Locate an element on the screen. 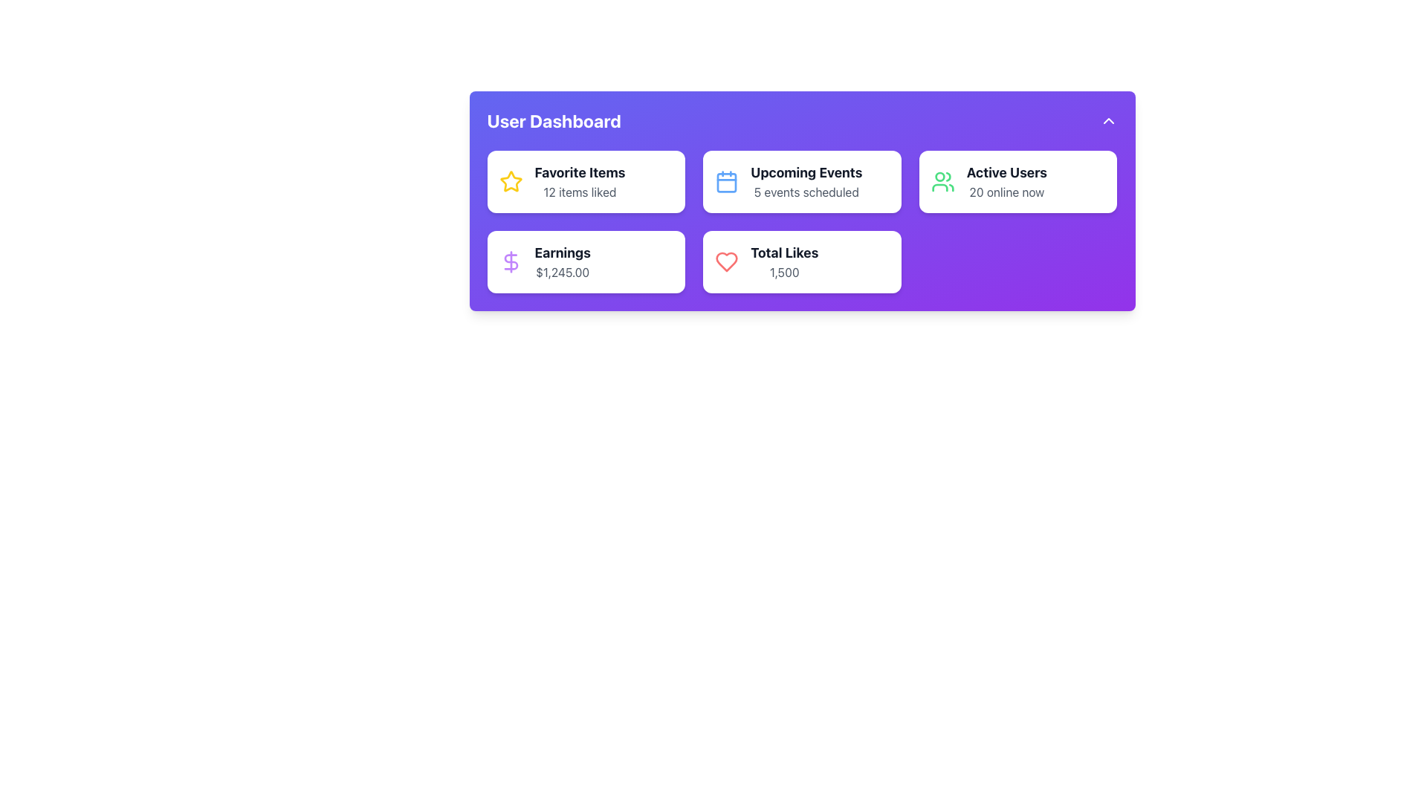 This screenshot has width=1427, height=802. the non-interactive informational label displaying the number of items marked as favorites, located below 'Favorite Items' in the top-left block of the dashboard interface is located at coordinates (579, 191).